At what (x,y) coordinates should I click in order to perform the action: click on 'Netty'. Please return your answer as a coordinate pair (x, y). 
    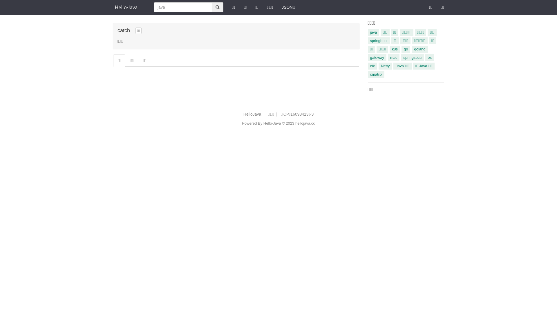
    Looking at the image, I should click on (379, 65).